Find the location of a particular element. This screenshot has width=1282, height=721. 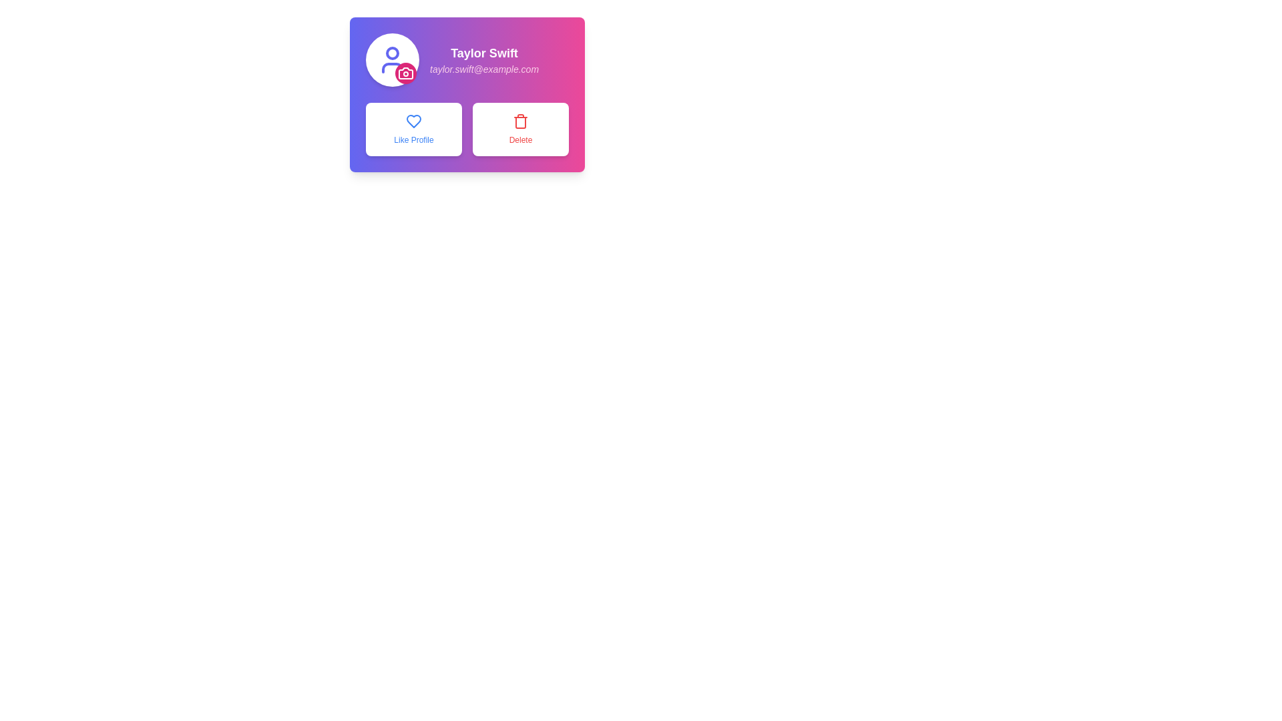

the trash can icon within the 'Delete' button is located at coordinates (519, 123).